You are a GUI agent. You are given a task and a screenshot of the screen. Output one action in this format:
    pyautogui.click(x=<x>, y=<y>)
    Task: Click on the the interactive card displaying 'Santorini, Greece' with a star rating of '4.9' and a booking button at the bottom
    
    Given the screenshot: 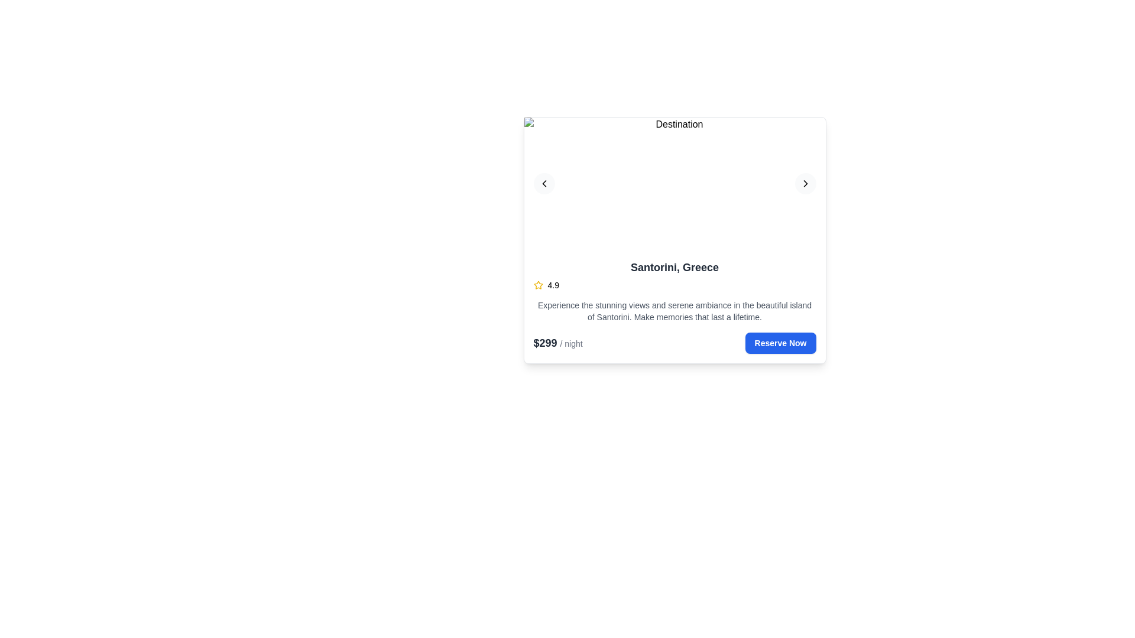 What is the action you would take?
    pyautogui.click(x=674, y=240)
    